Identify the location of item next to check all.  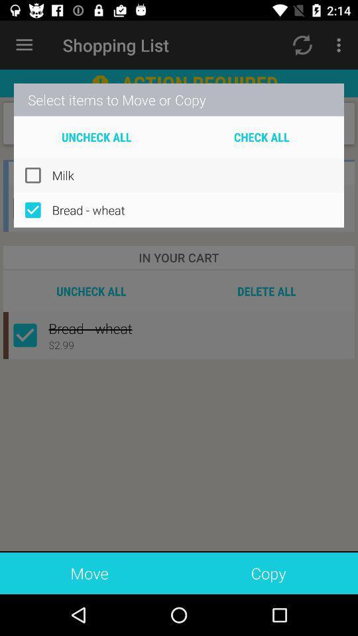
(95, 136).